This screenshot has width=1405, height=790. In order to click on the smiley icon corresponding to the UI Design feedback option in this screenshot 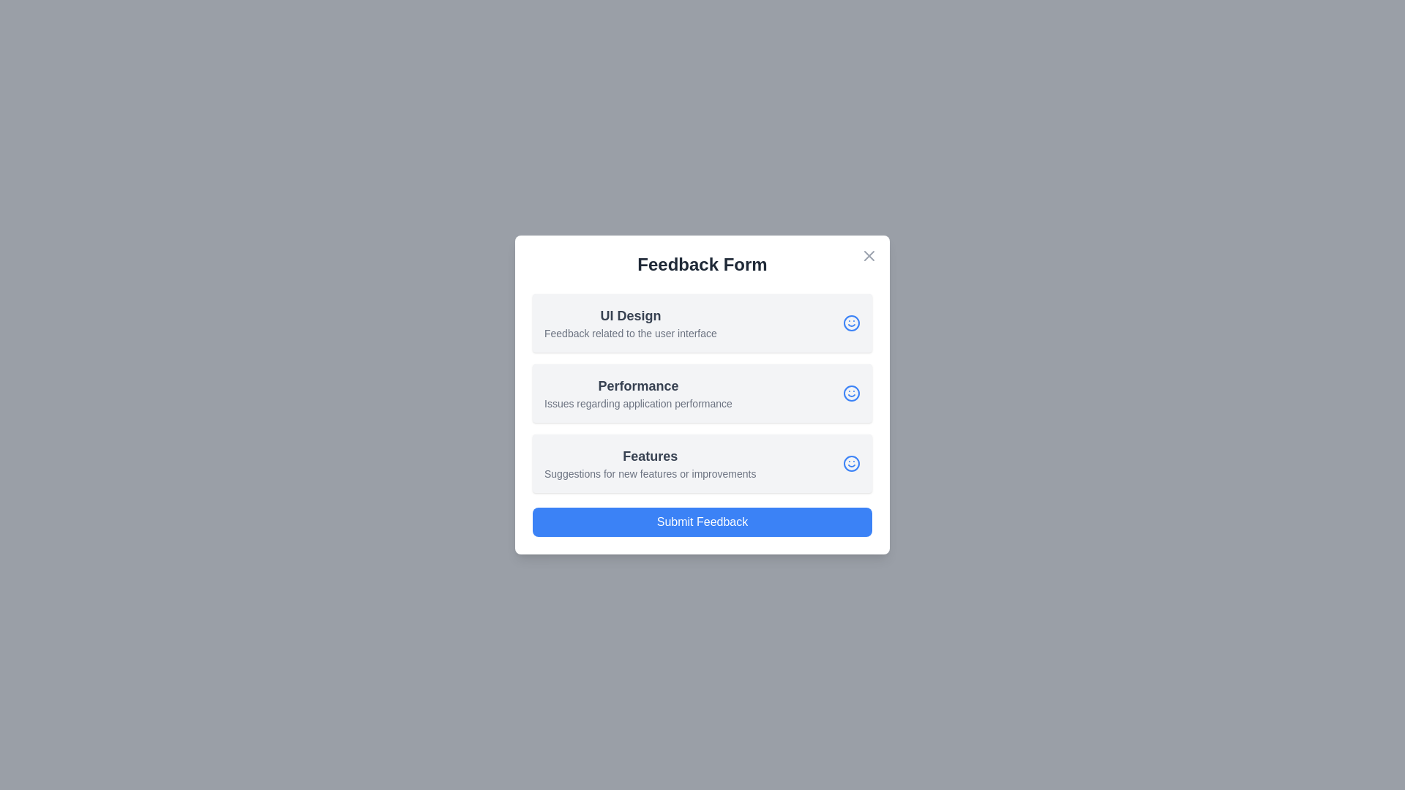, I will do `click(851, 323)`.